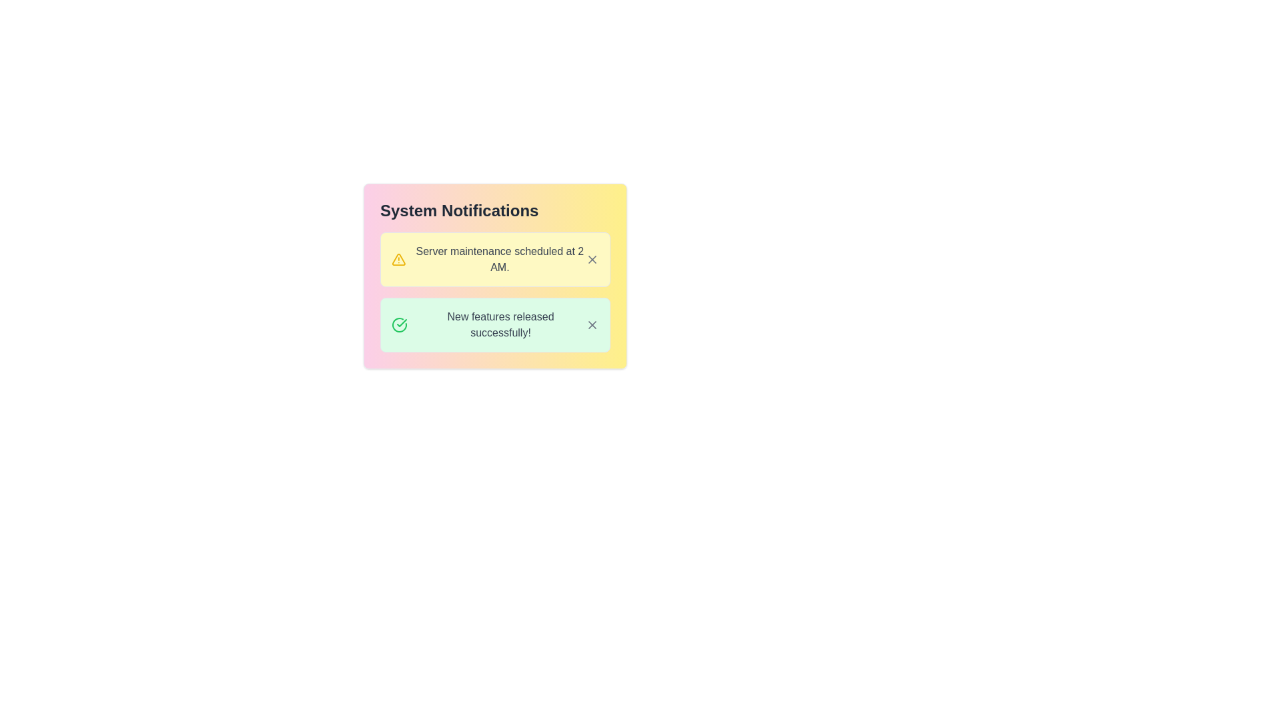  Describe the element at coordinates (499, 260) in the screenshot. I see `the informational text element stating 'Server maintenance scheduled at 2 AM.' which is displayed in gray font on a light yellow background, located below 'System Notifications'` at that location.